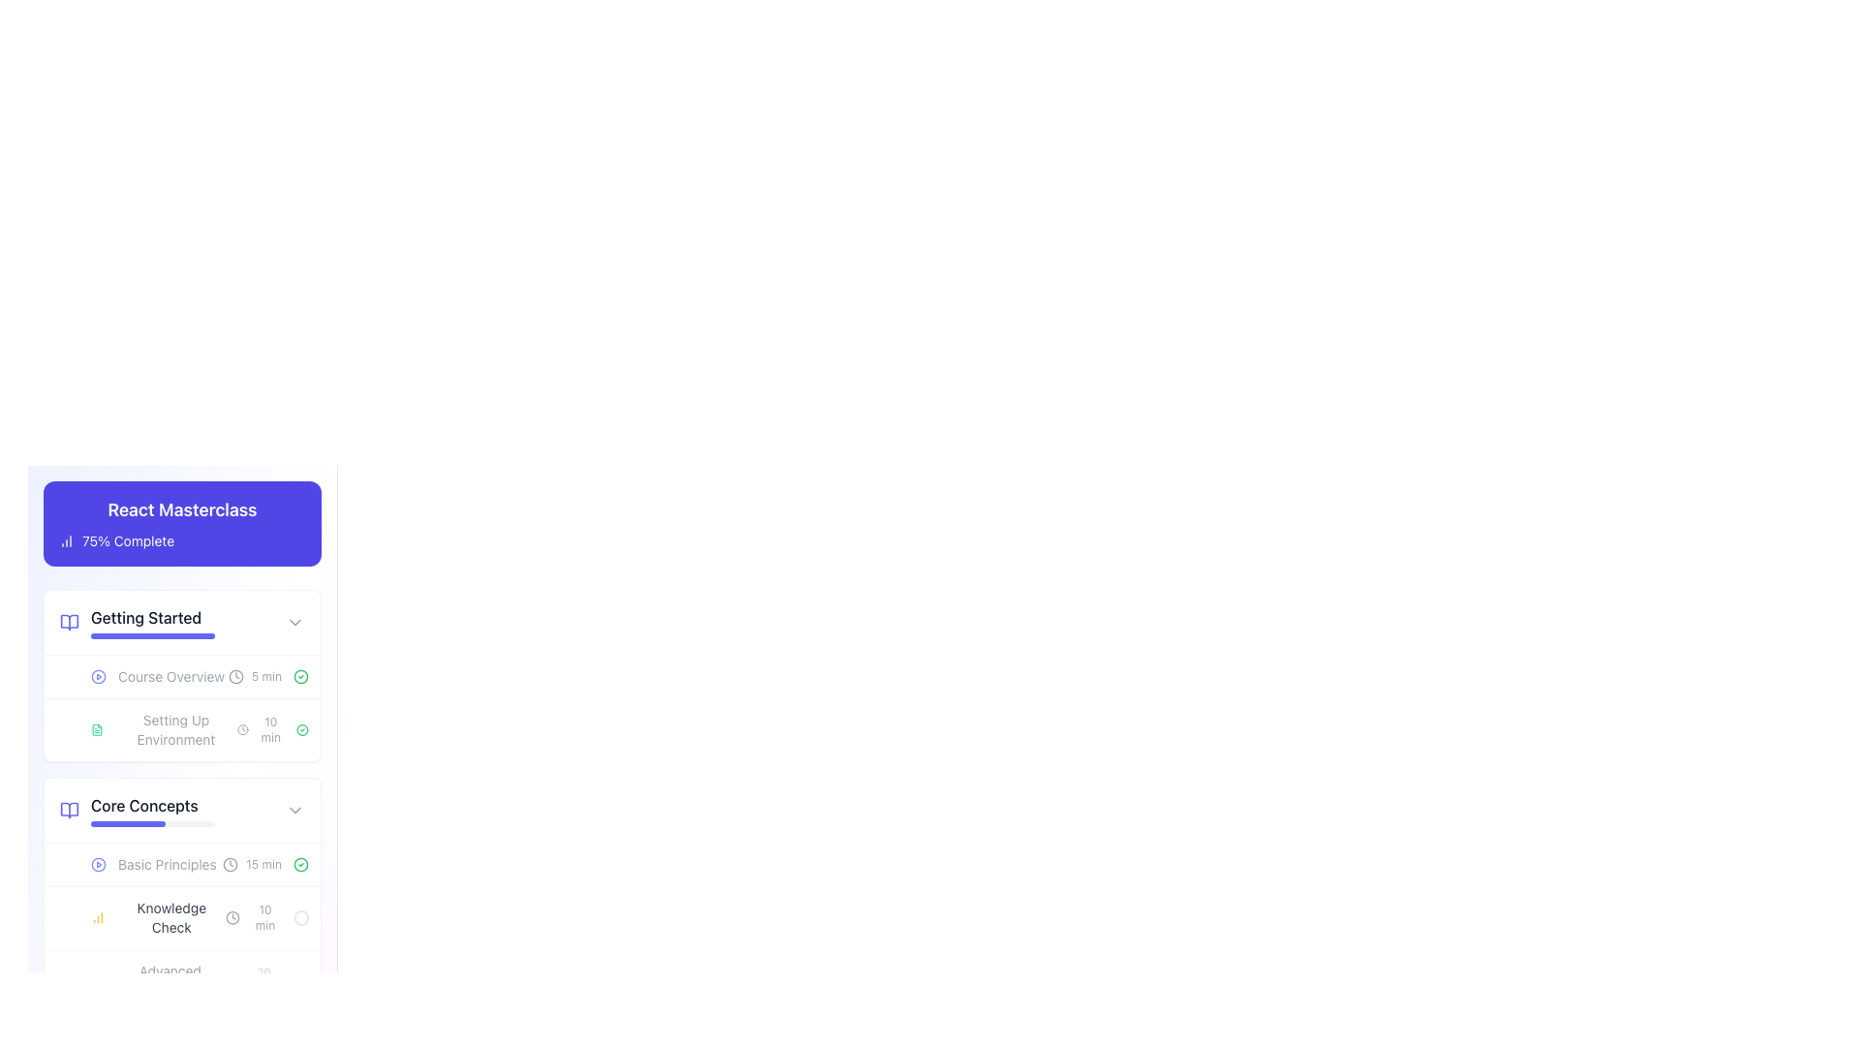 This screenshot has height=1046, width=1860. What do you see at coordinates (70, 811) in the screenshot?
I see `the decorative icon representing the 'Core Concepts' section, located in the left panel under the 'Core Concepts' heading` at bounding box center [70, 811].